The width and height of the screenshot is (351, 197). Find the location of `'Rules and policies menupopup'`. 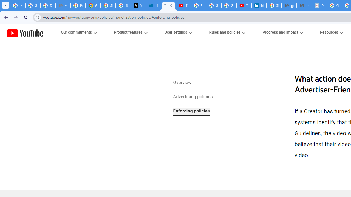

'Rules and policies menupopup' is located at coordinates (227, 32).